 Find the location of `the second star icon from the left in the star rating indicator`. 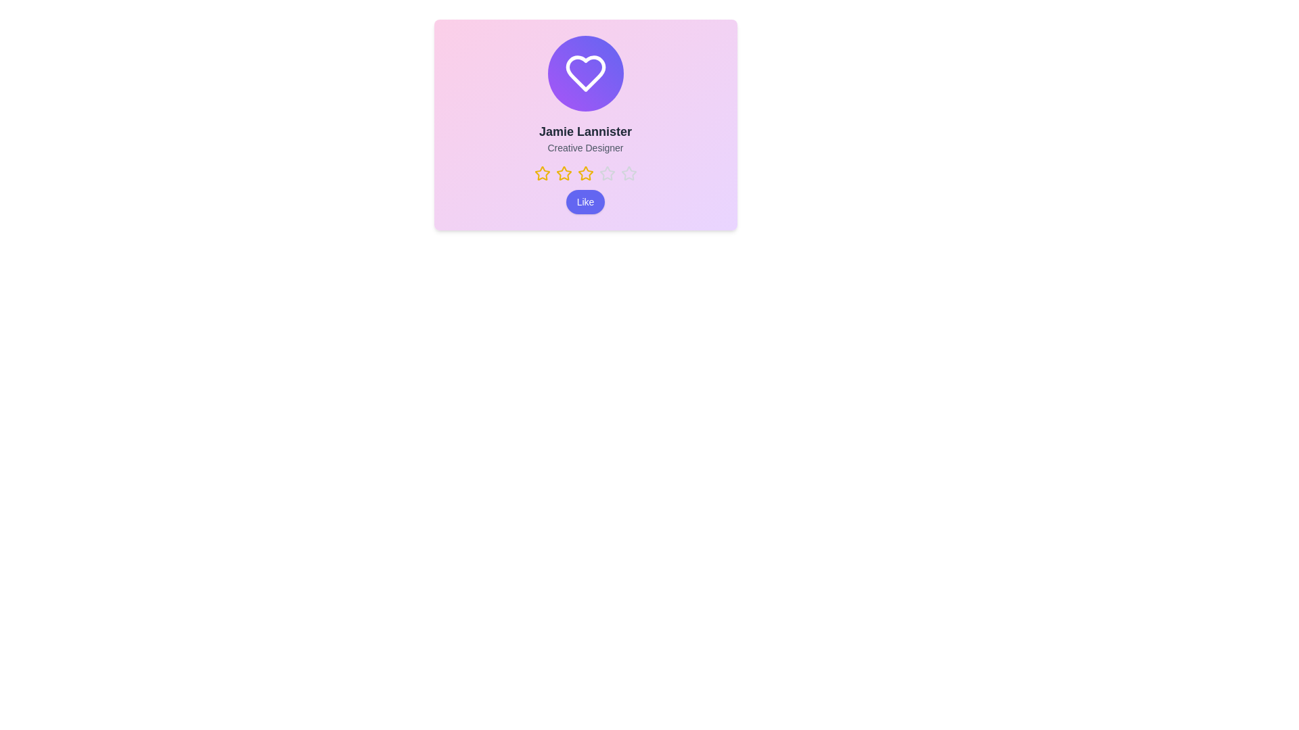

the second star icon from the left in the star rating indicator is located at coordinates (564, 172).